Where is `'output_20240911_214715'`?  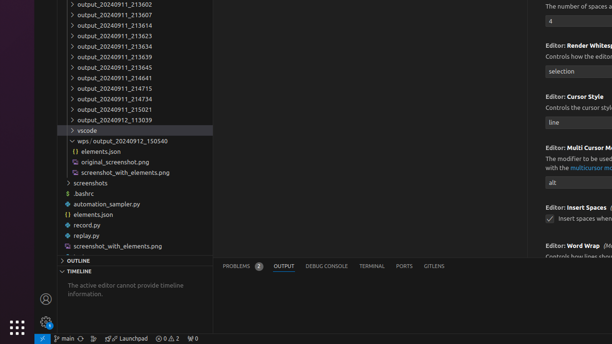 'output_20240911_214715' is located at coordinates (134, 88).